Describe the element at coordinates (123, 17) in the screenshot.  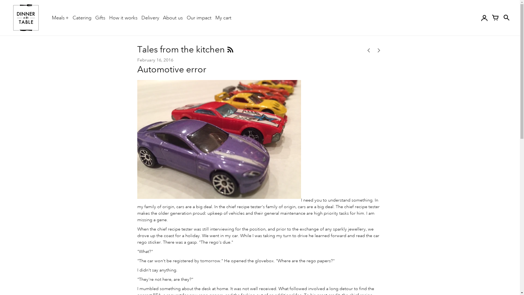
I see `'How it works'` at that location.